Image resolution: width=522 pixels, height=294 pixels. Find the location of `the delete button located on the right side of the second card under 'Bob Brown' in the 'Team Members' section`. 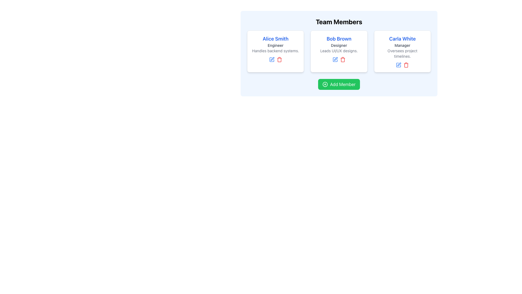

the delete button located on the right side of the second card under 'Bob Brown' in the 'Team Members' section is located at coordinates (343, 60).